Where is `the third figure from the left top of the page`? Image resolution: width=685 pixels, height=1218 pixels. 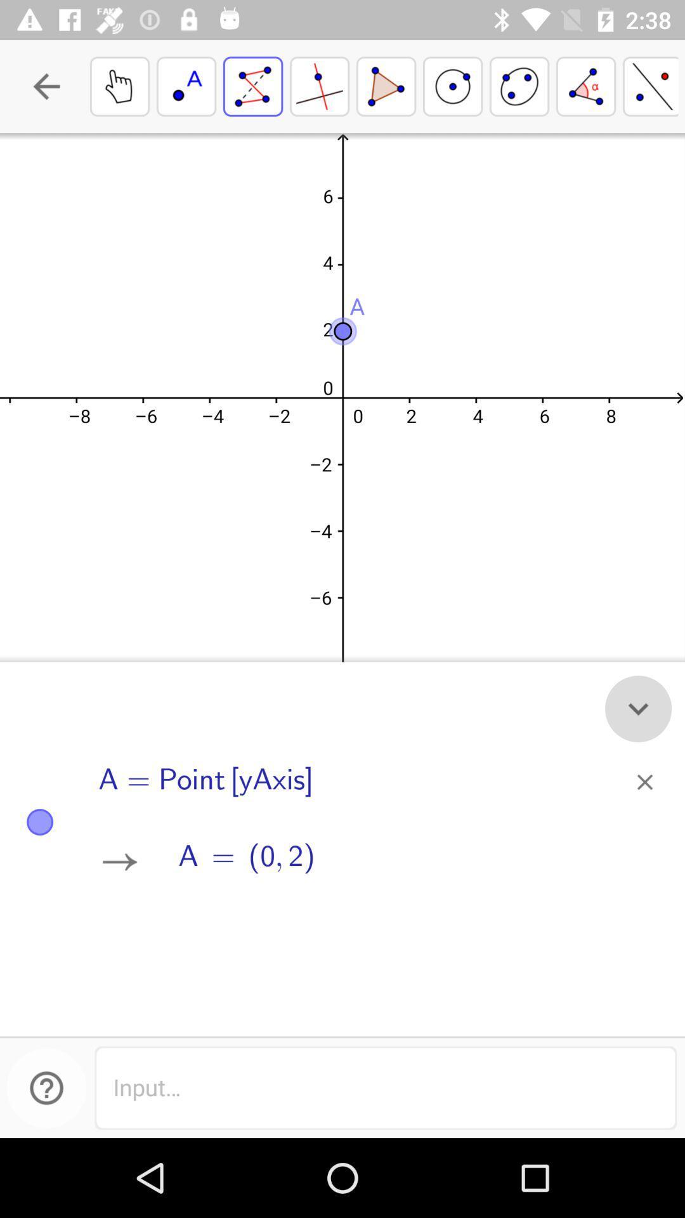 the third figure from the left top of the page is located at coordinates (638, 708).